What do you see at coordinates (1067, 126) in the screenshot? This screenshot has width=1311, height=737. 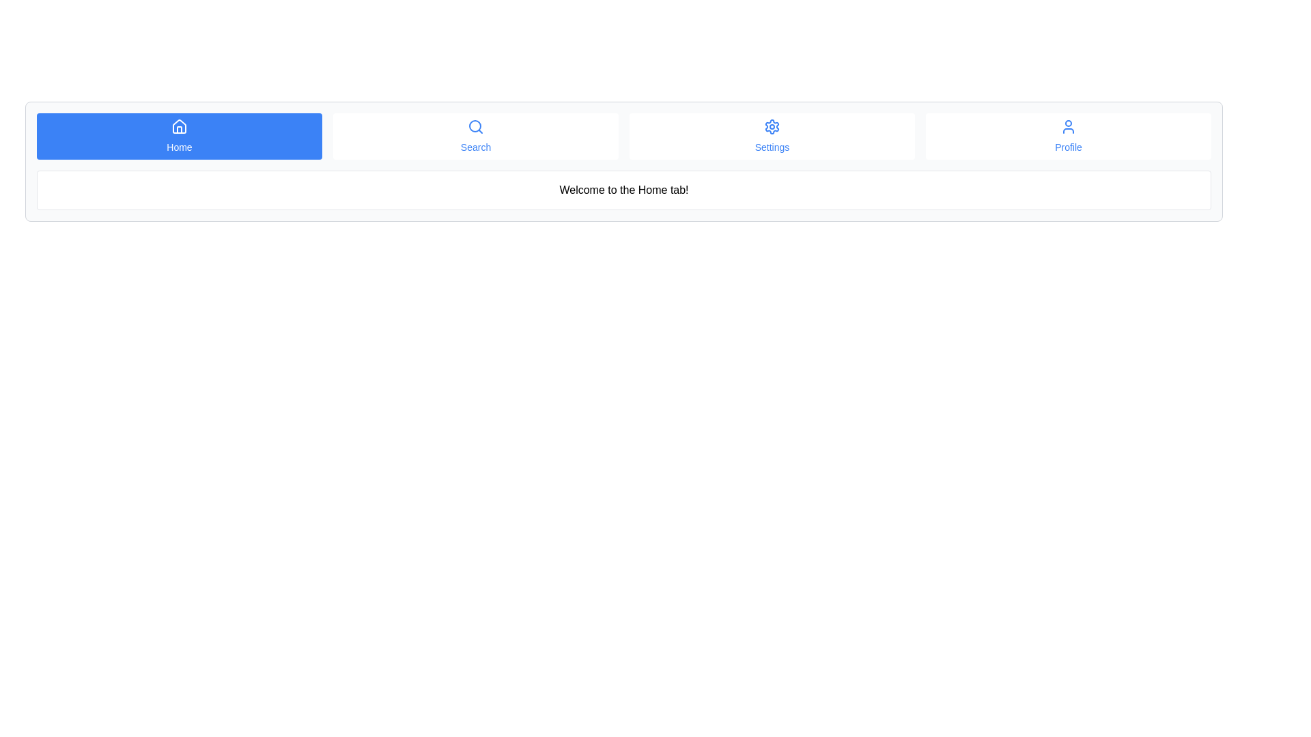 I see `the user silhouette icon with a blue stroke color located in the top right portion of the navigation bar, which is above the text label reading 'Profile'` at bounding box center [1067, 126].